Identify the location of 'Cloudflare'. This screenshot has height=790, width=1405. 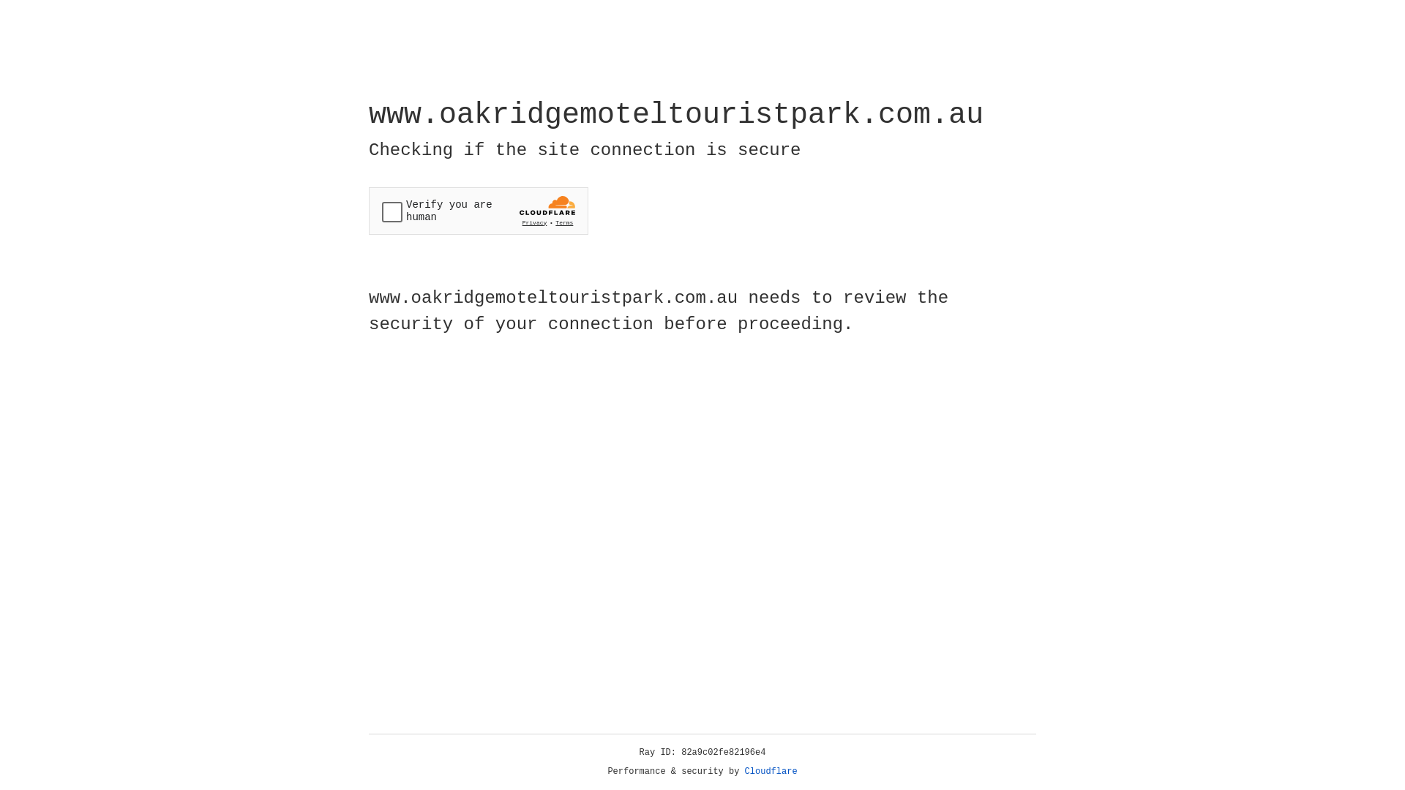
(771, 771).